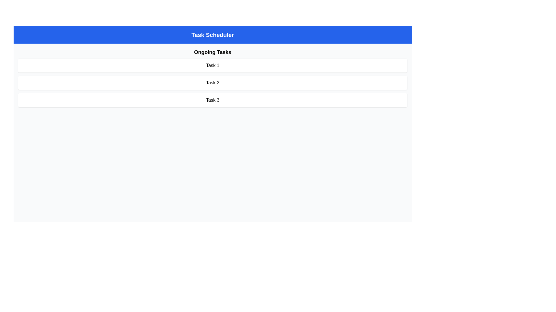 This screenshot has width=556, height=312. I want to click on the 'Task Scheduler' text label, which is styled in bold white font on a blue background, located near the top of the interface, so click(212, 35).